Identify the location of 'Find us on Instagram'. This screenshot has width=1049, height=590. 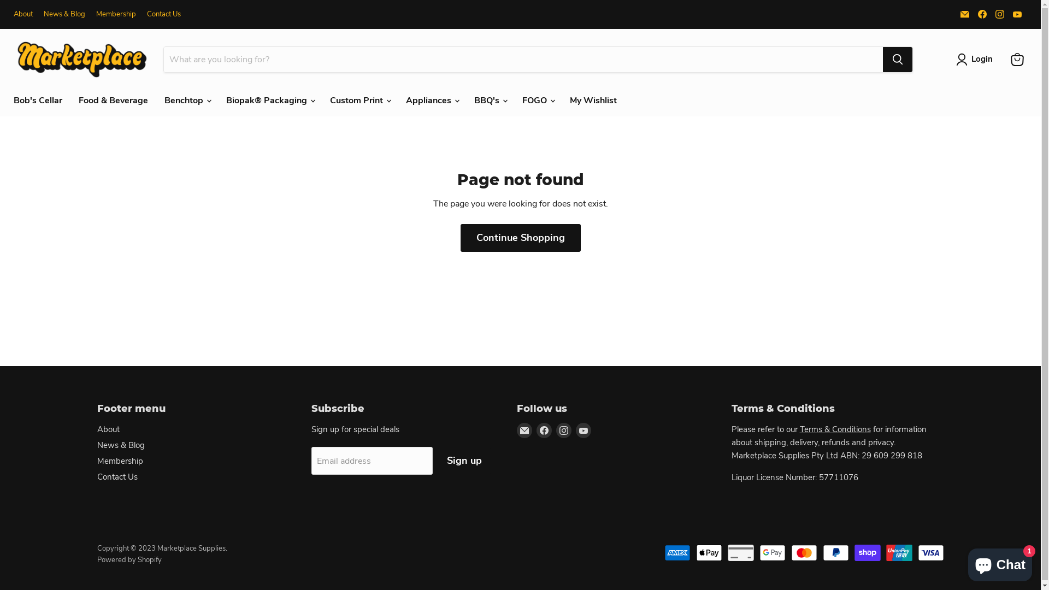
(564, 429).